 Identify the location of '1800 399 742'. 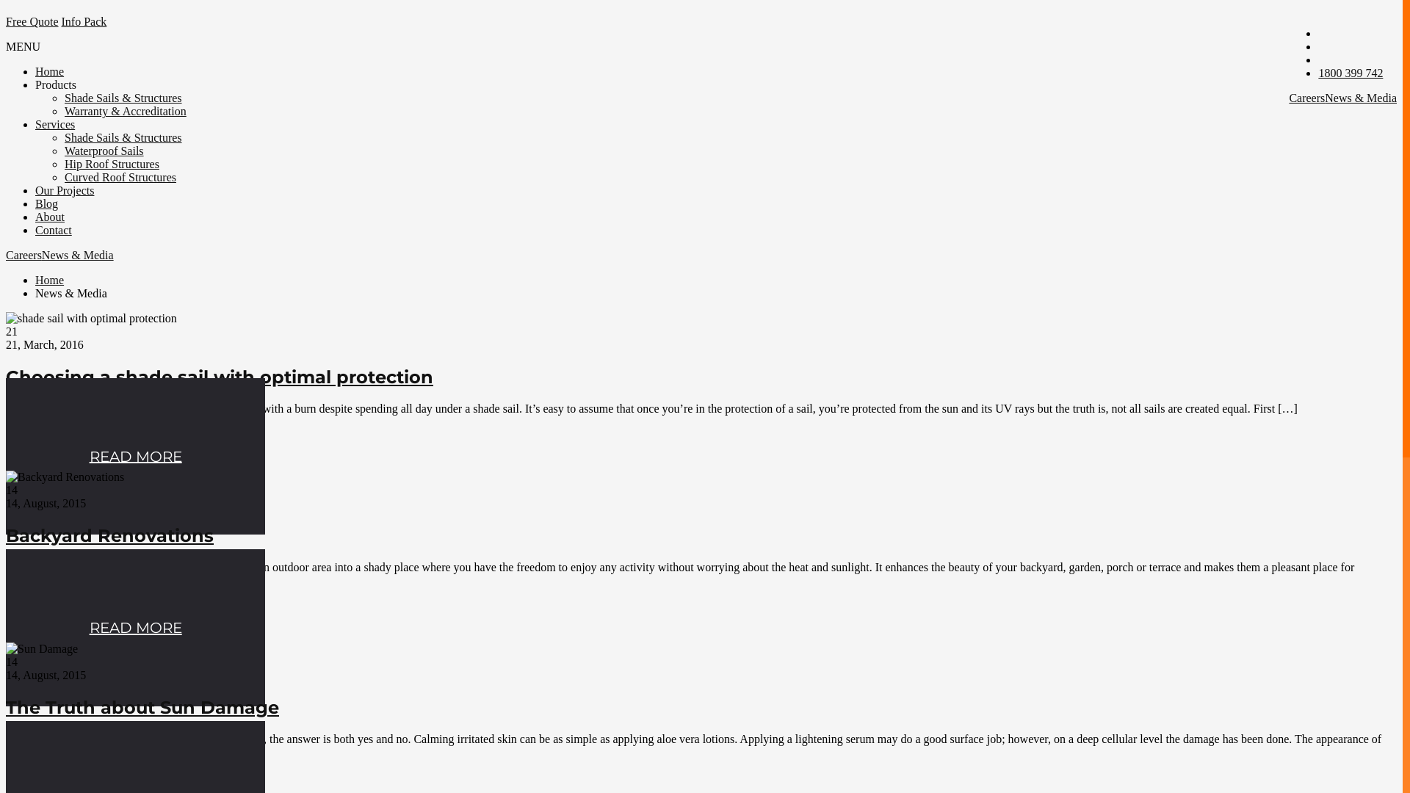
(1318, 73).